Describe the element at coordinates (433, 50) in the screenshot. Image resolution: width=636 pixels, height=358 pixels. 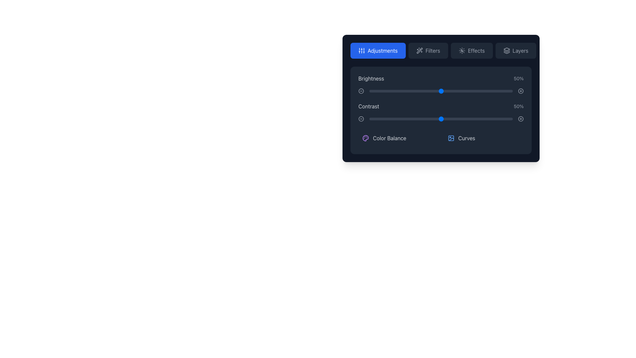
I see `the 'Filters' text label, which is a light-colored text on a dark background, positioned as the second item in a horizontal tab panel` at that location.